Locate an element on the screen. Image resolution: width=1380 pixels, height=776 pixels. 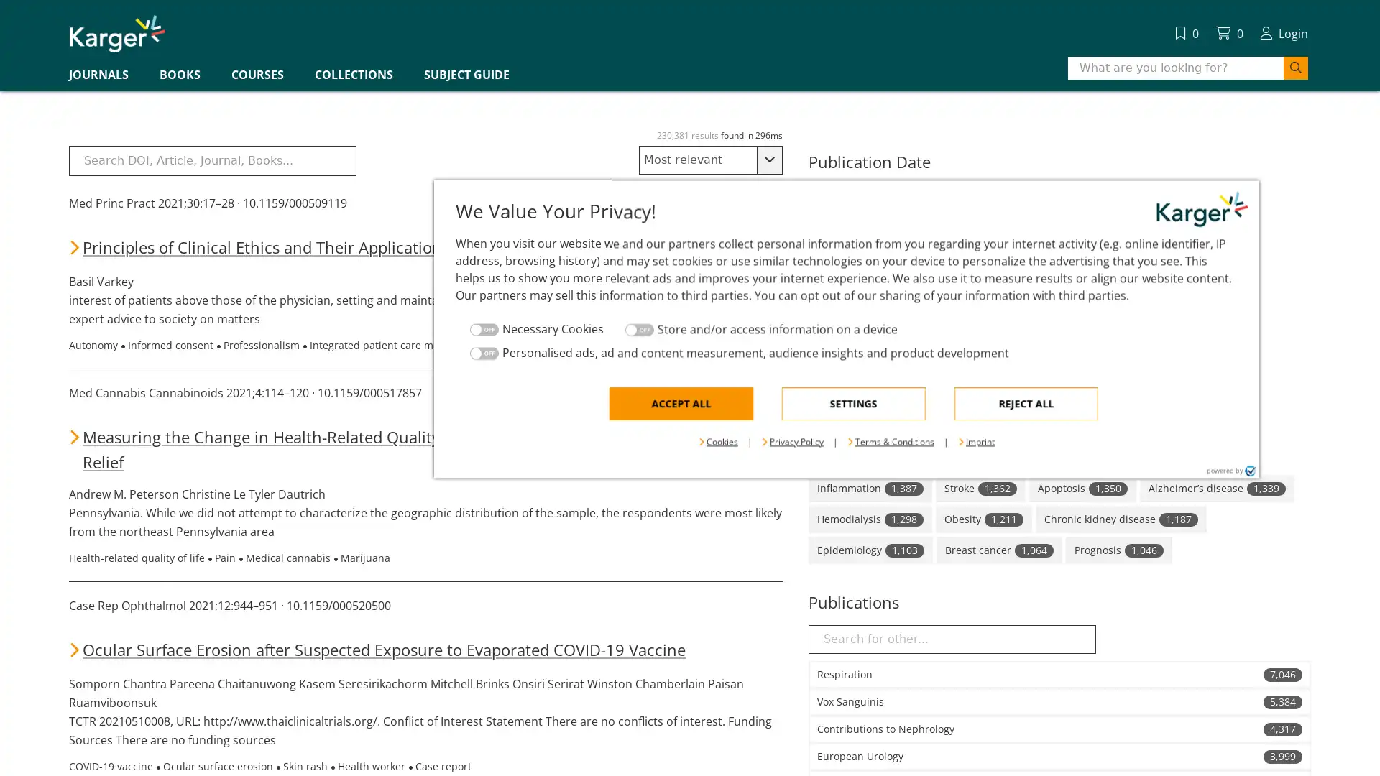
REJECT ALL is located at coordinates (868, 463).